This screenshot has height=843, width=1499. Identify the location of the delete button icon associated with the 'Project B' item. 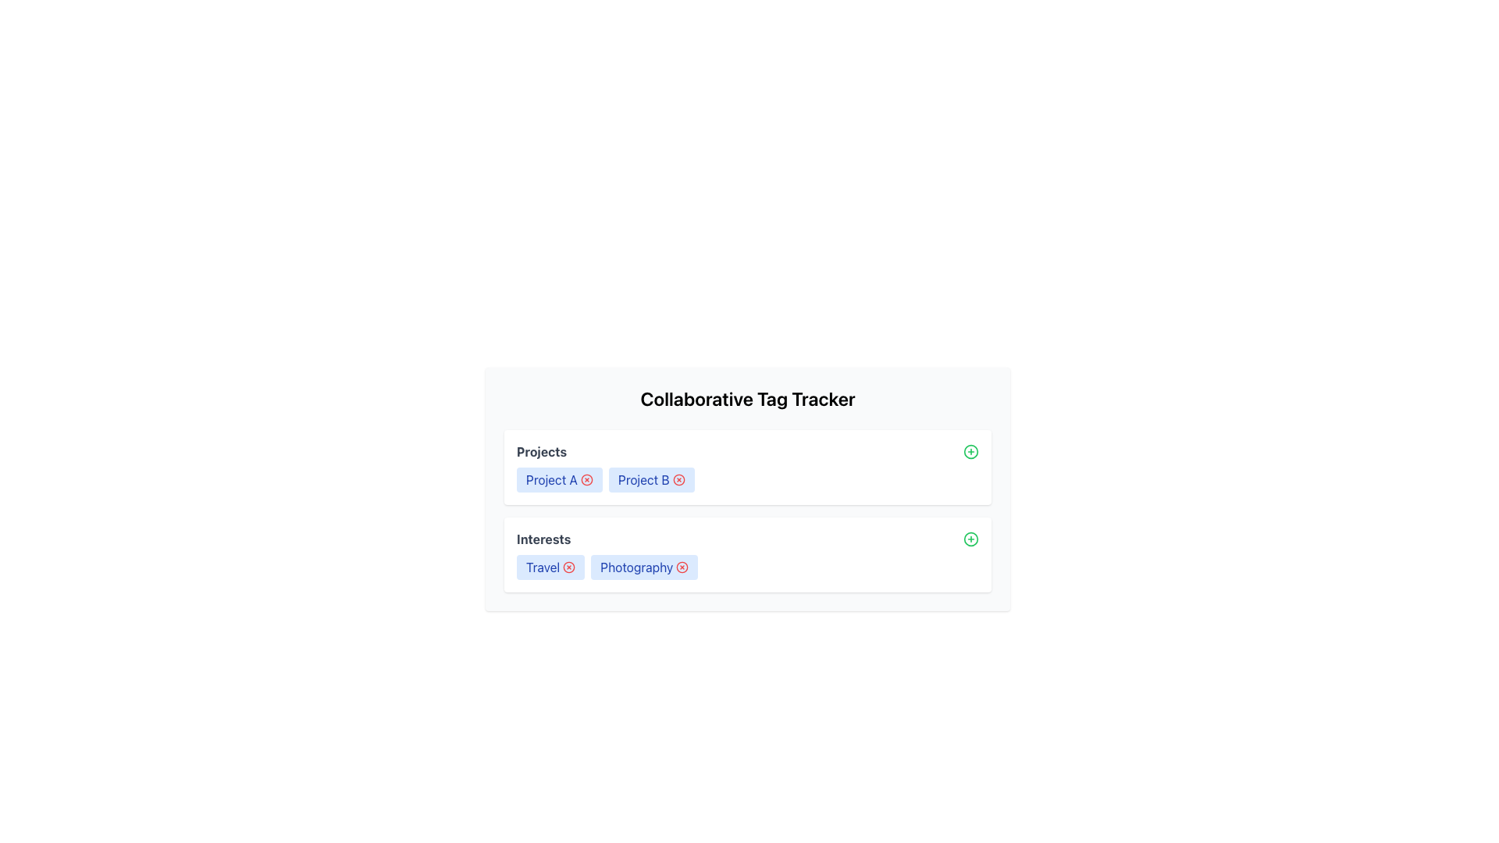
(678, 478).